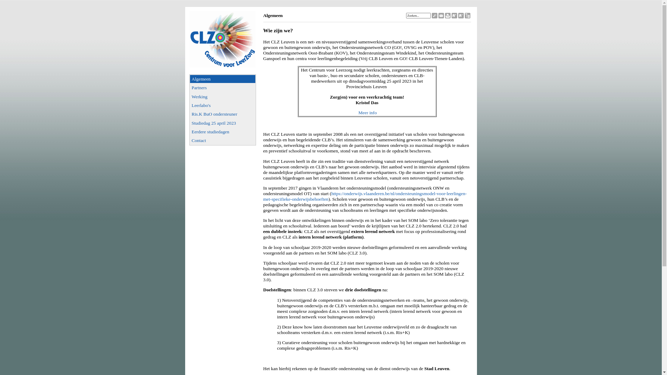 Image resolution: width=667 pixels, height=375 pixels. Describe the element at coordinates (454, 16) in the screenshot. I see `'Grotere tekens'` at that location.